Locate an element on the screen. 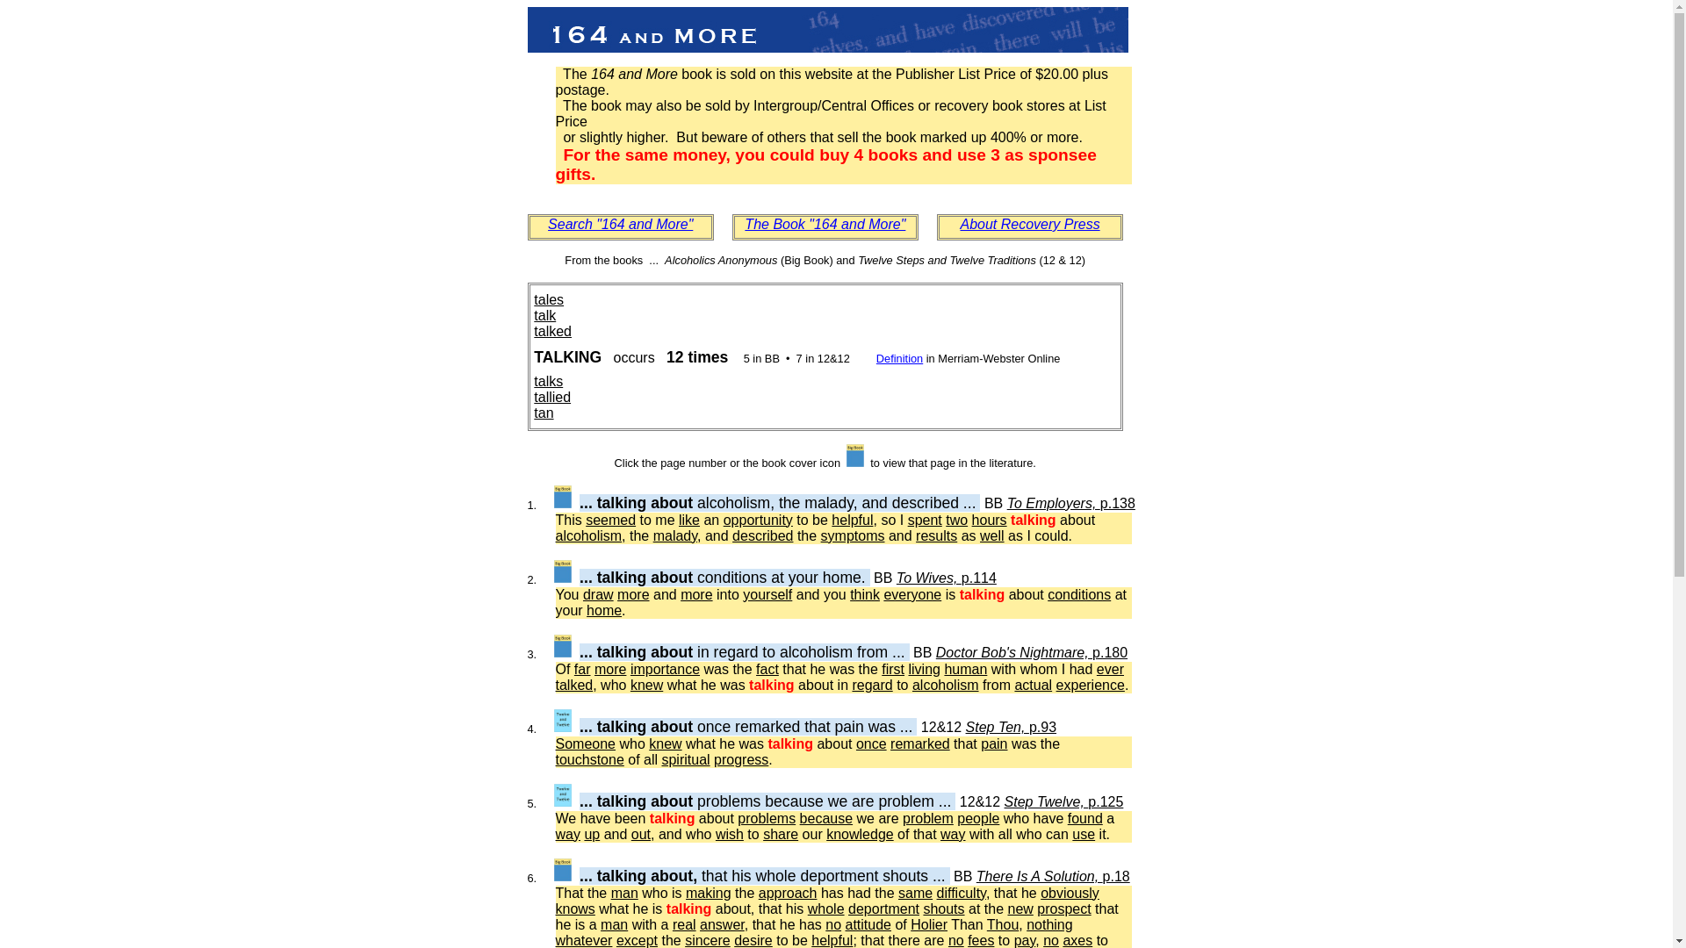 The image size is (1686, 948). 'knowledge' is located at coordinates (860, 833).